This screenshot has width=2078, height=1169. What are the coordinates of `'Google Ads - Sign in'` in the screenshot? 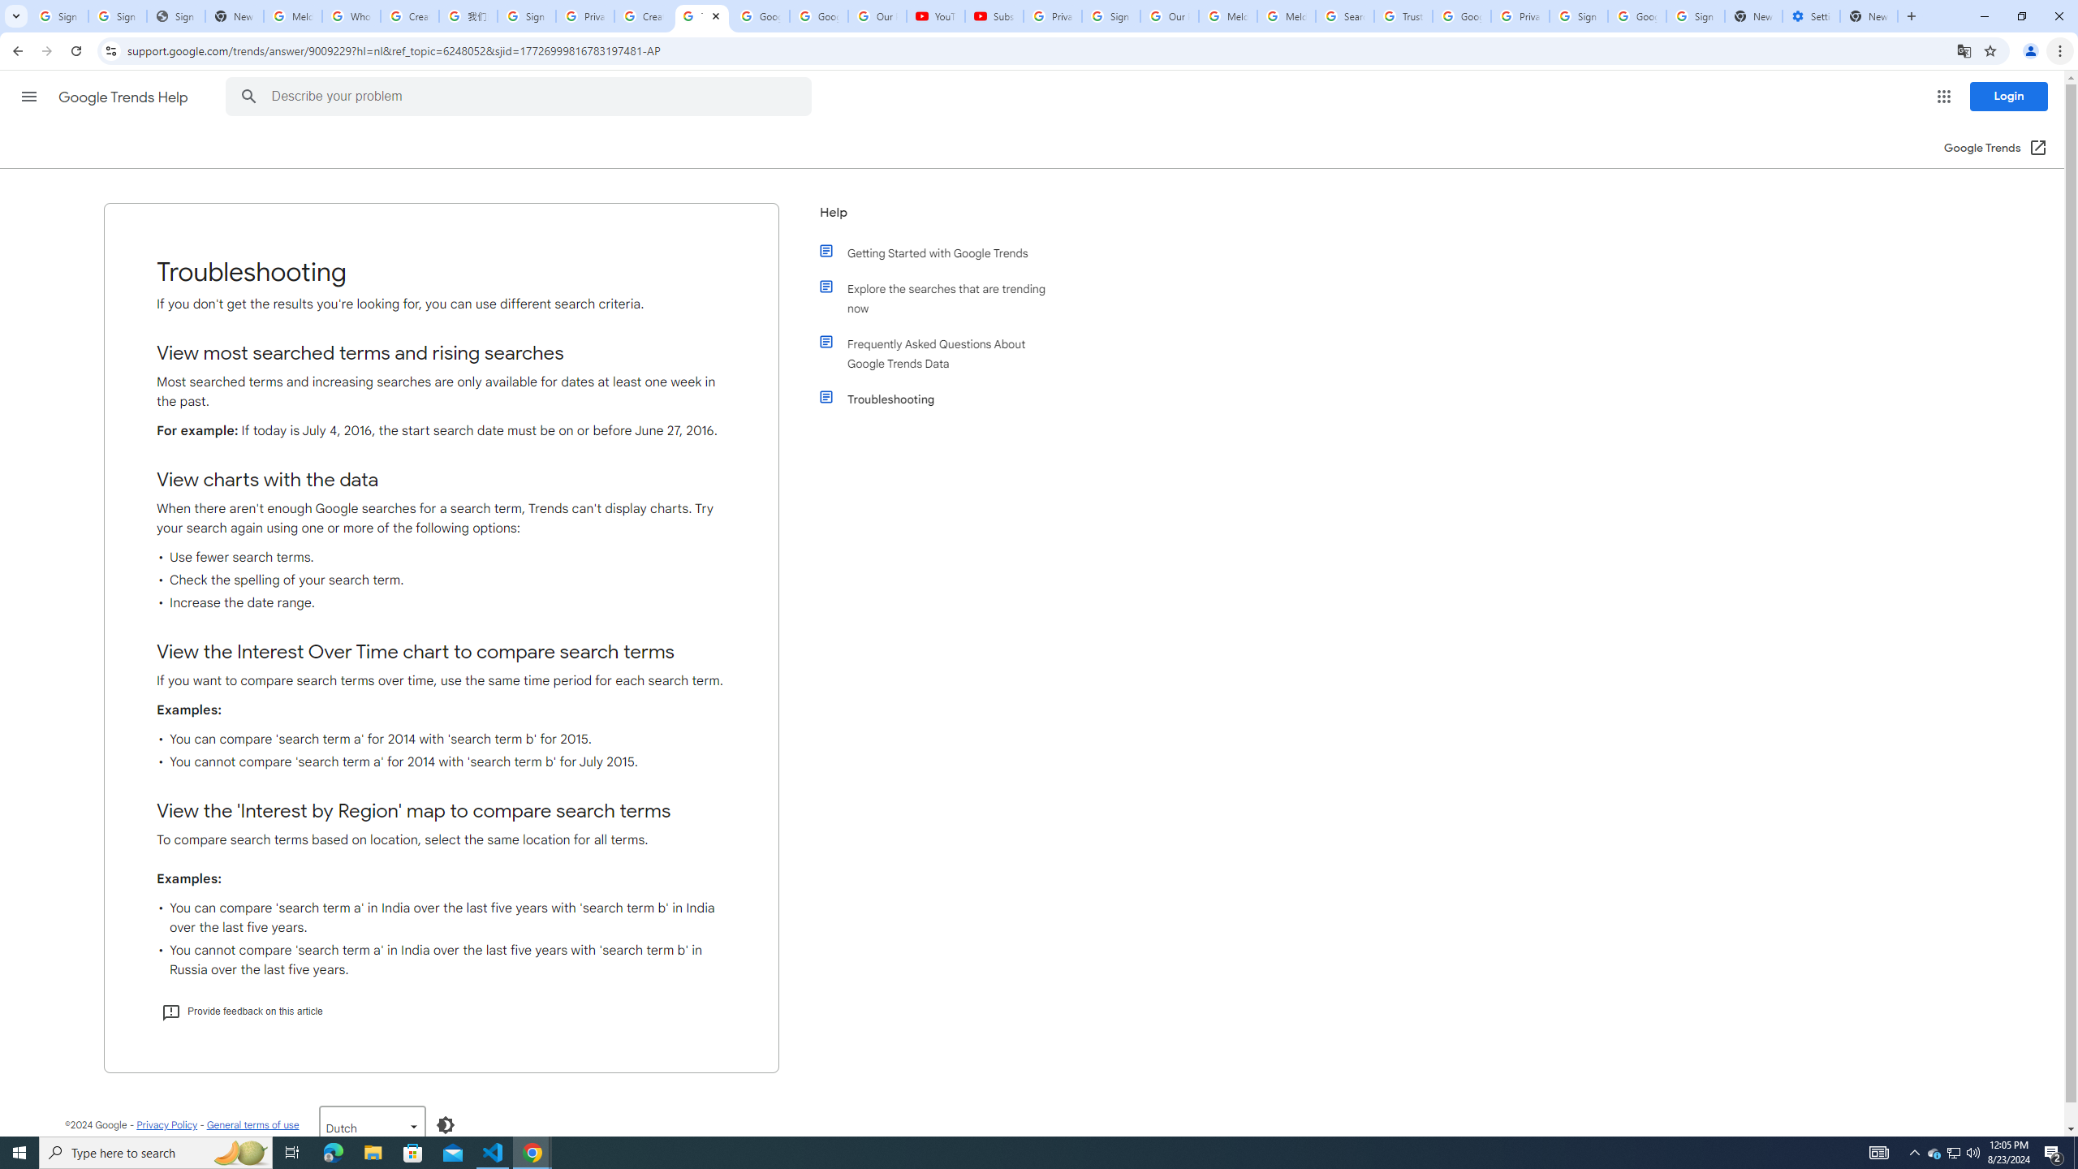 It's located at (1460, 15).